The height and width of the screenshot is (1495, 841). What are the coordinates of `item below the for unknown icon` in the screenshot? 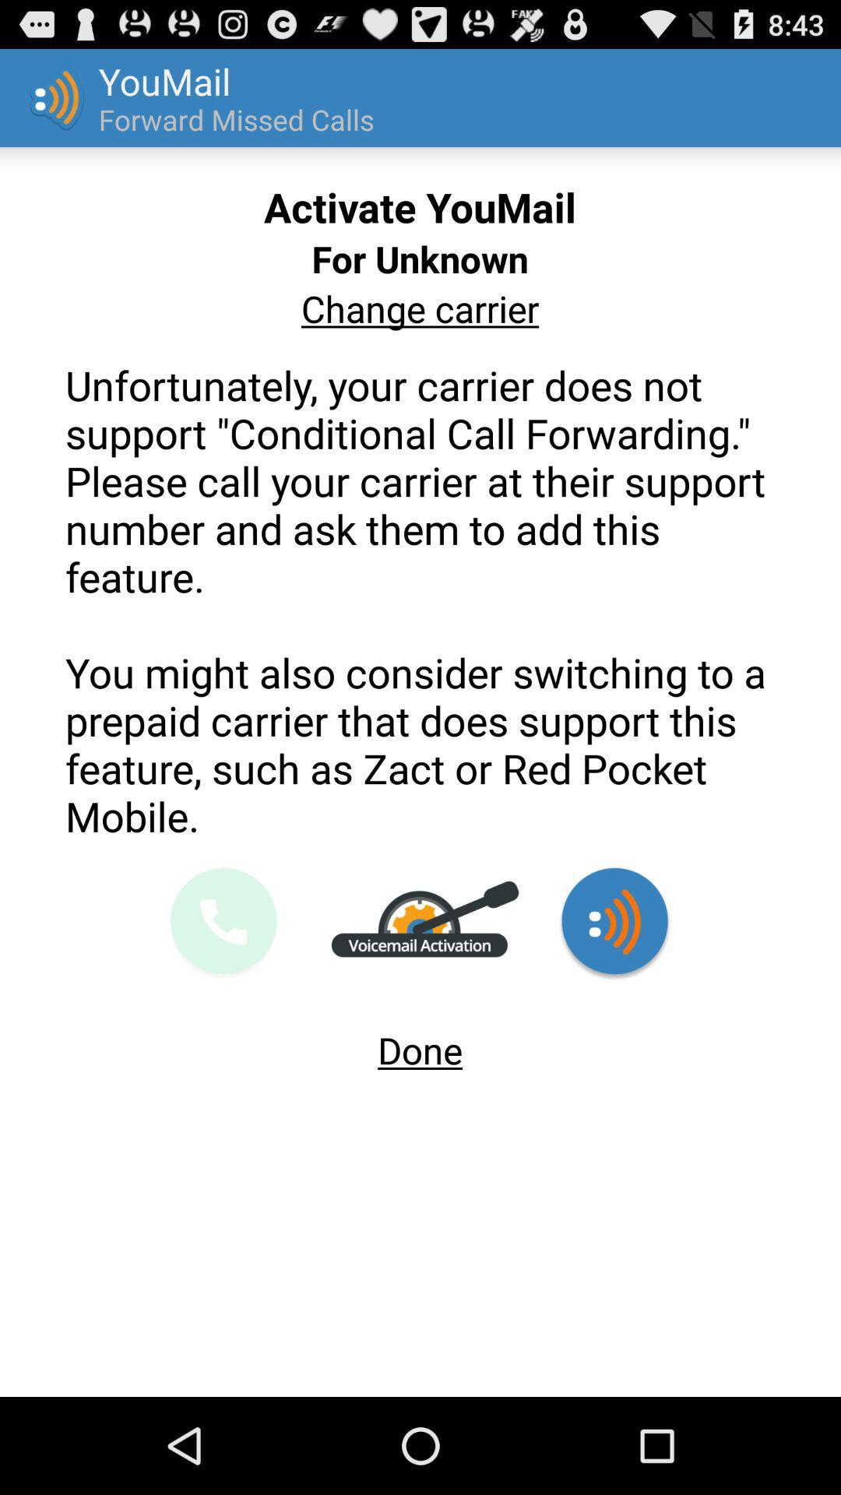 It's located at (419, 308).